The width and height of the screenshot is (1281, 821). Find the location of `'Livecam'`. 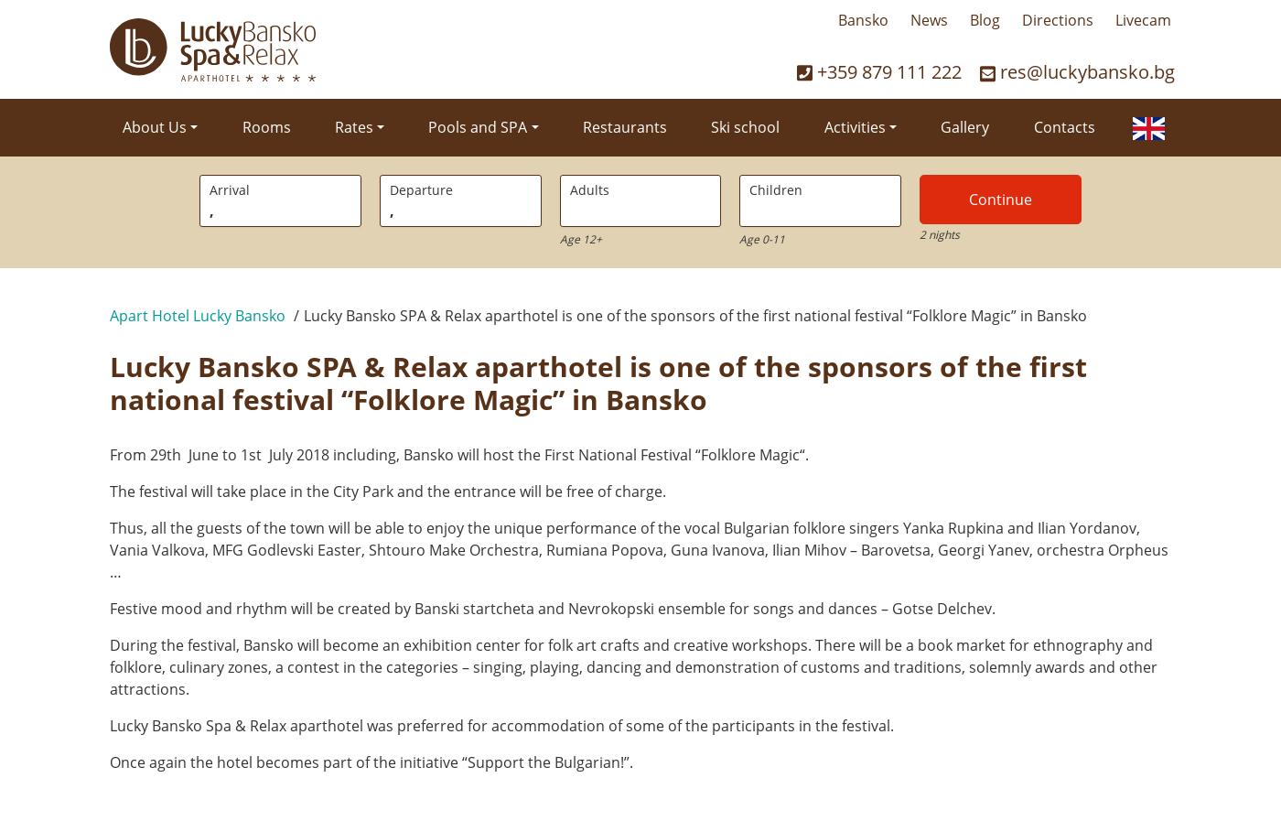

'Livecam' is located at coordinates (1142, 18).